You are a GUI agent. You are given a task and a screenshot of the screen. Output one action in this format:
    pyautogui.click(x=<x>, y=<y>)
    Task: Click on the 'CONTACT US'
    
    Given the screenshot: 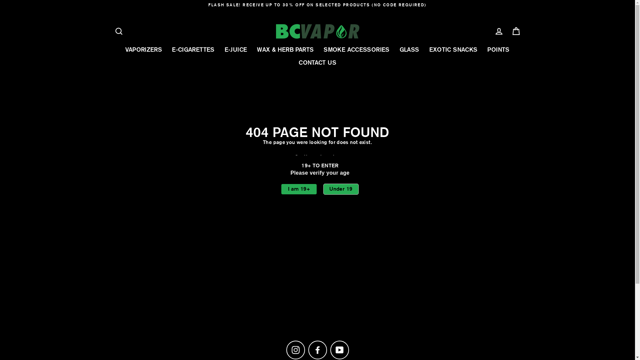 What is the action you would take?
    pyautogui.click(x=317, y=62)
    